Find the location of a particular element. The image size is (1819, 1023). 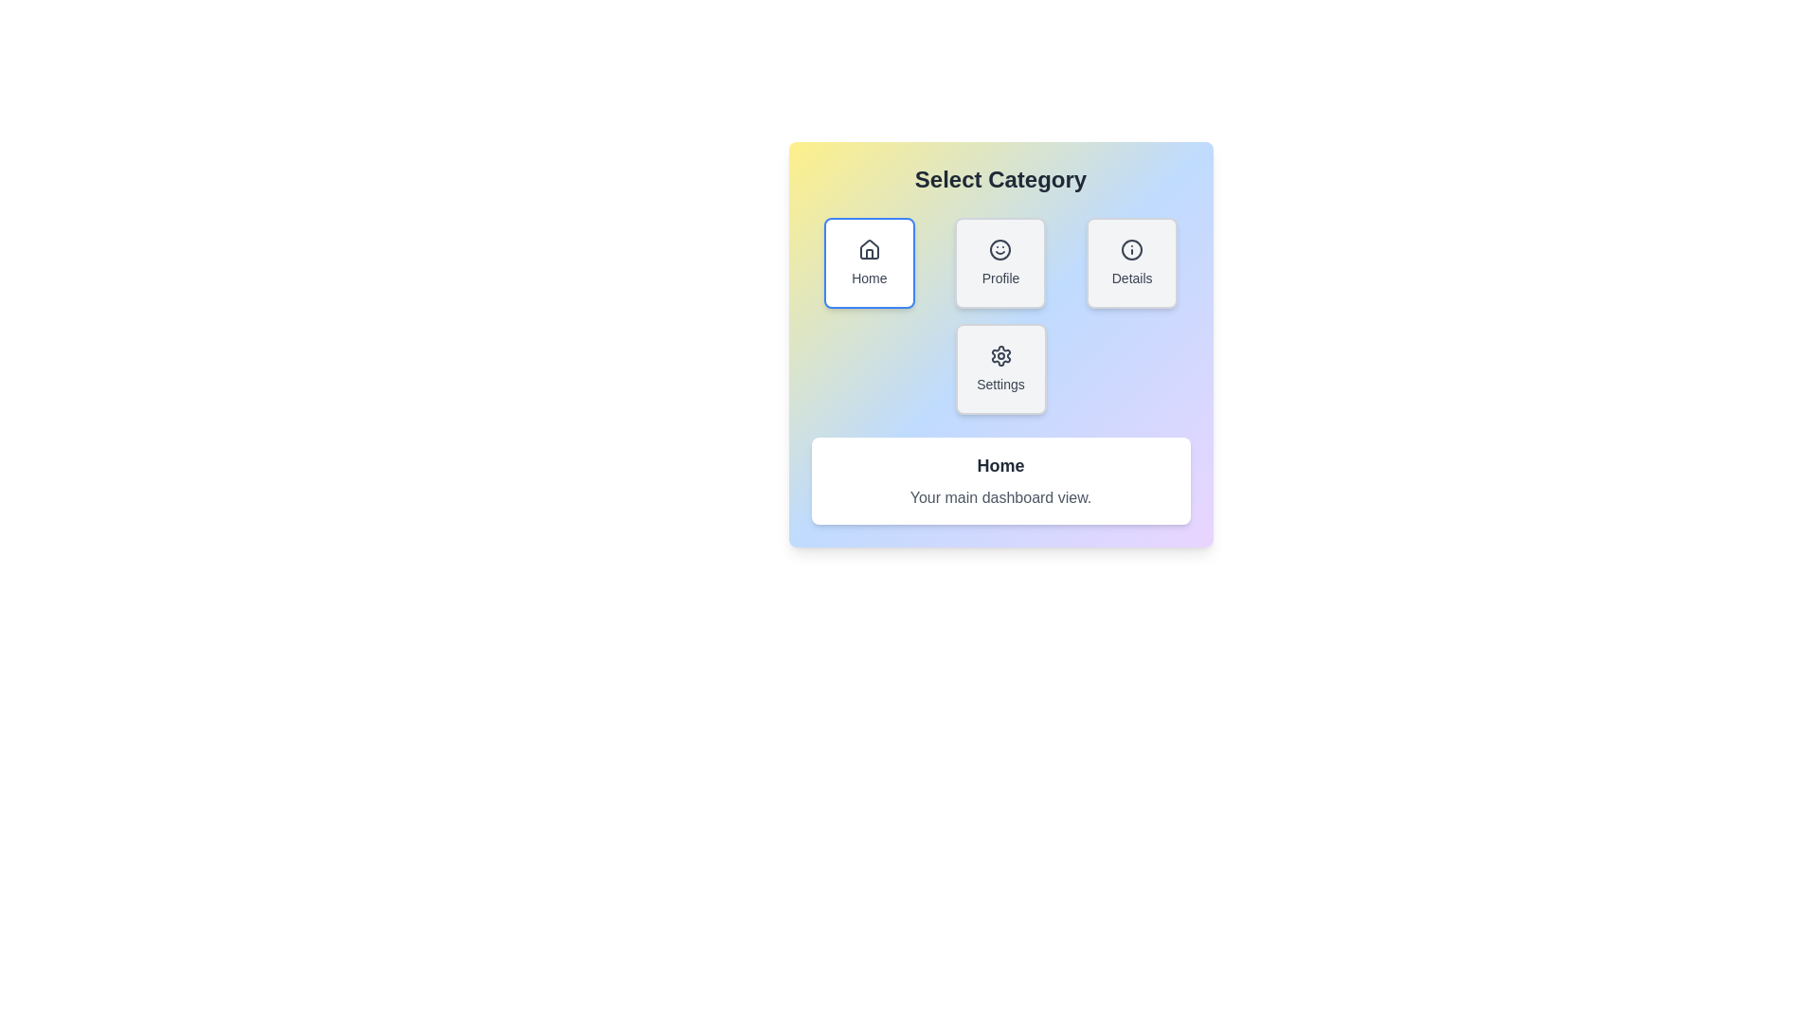

text label 'Home' located within the rectangular button at the top-left of a 2x2 grid of buttons is located at coordinates (868, 278).